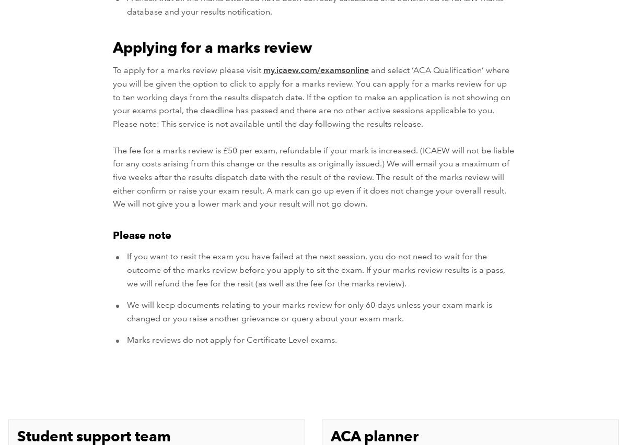 Image resolution: width=627 pixels, height=445 pixels. Describe the element at coordinates (126, 311) in the screenshot. I see `'We will keep documents relating to your marks review for only 60 days unless your exam mark is changed or you raise another grievance or query about your exam mark.'` at that location.